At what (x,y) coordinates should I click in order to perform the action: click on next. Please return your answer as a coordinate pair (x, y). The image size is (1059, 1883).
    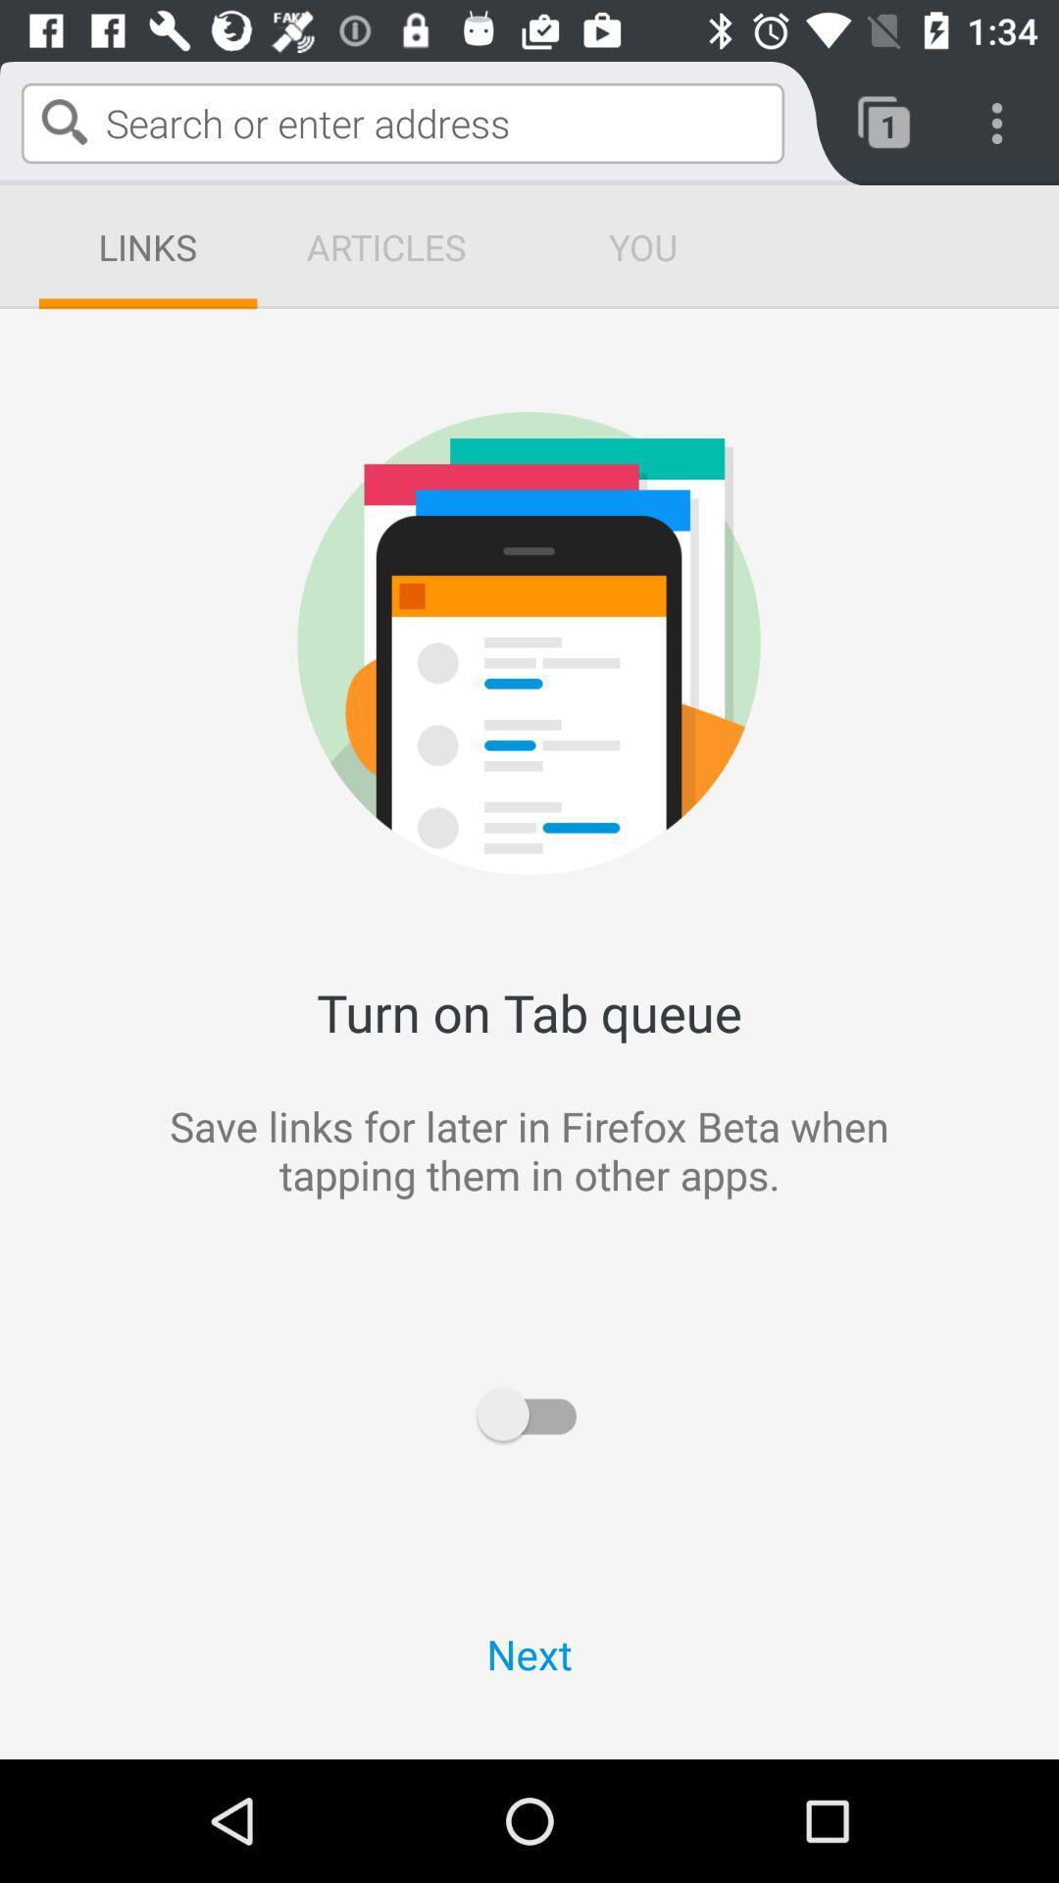
    Looking at the image, I should click on (529, 1653).